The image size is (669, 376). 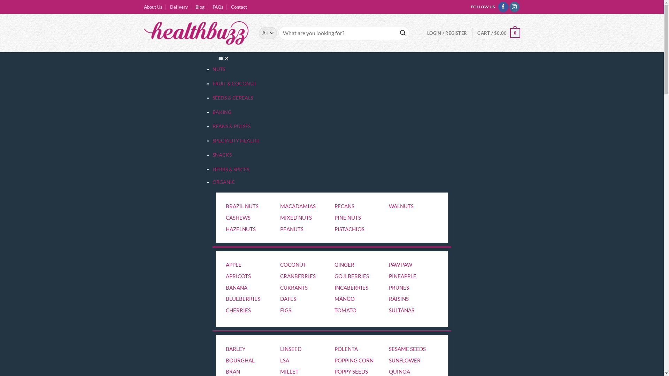 I want to click on 'BARLEY', so click(x=236, y=349).